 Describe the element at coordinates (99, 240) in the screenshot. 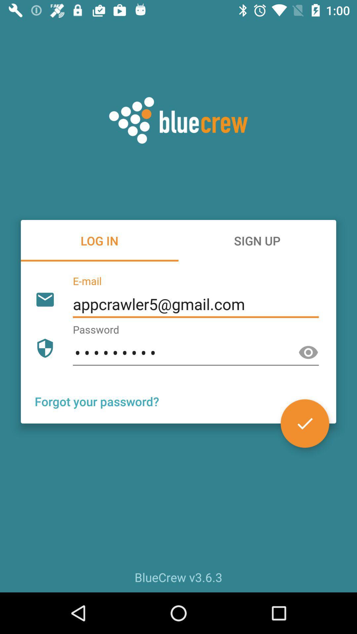

I see `the log in` at that location.